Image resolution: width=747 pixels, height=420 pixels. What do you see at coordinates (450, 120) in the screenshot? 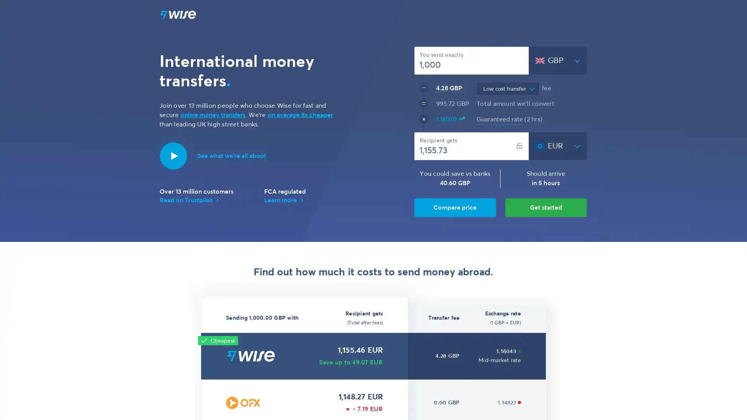
I see `1.16070` at bounding box center [450, 120].